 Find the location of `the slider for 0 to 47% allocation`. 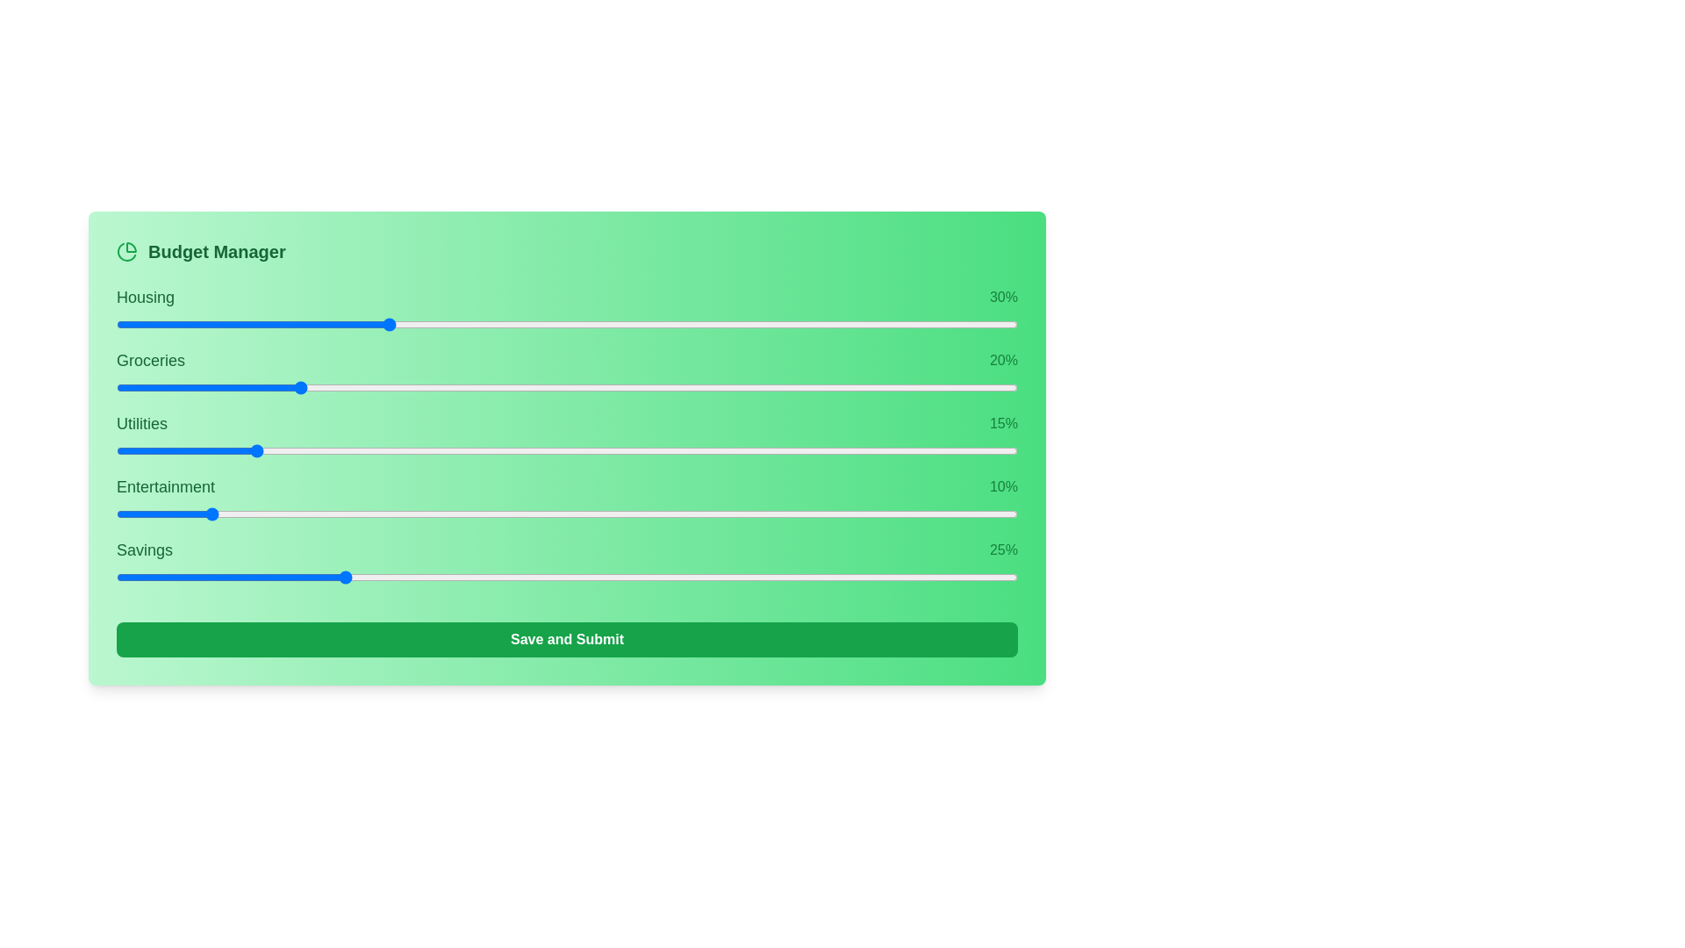

the slider for 0 to 47% allocation is located at coordinates (778, 325).